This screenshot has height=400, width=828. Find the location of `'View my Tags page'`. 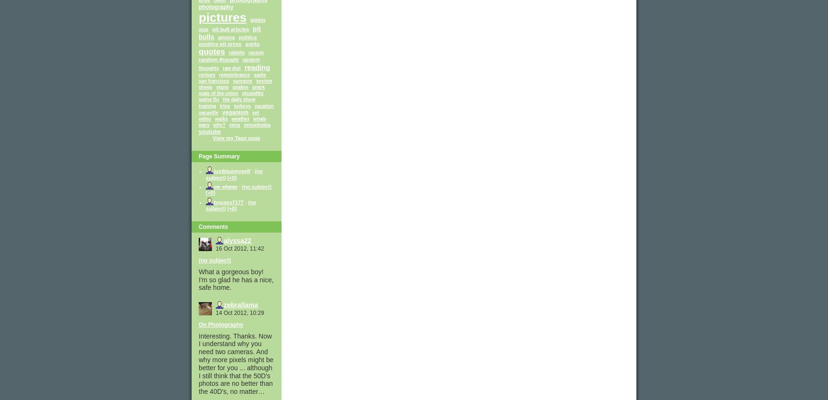

'View my Tags page' is located at coordinates (236, 137).